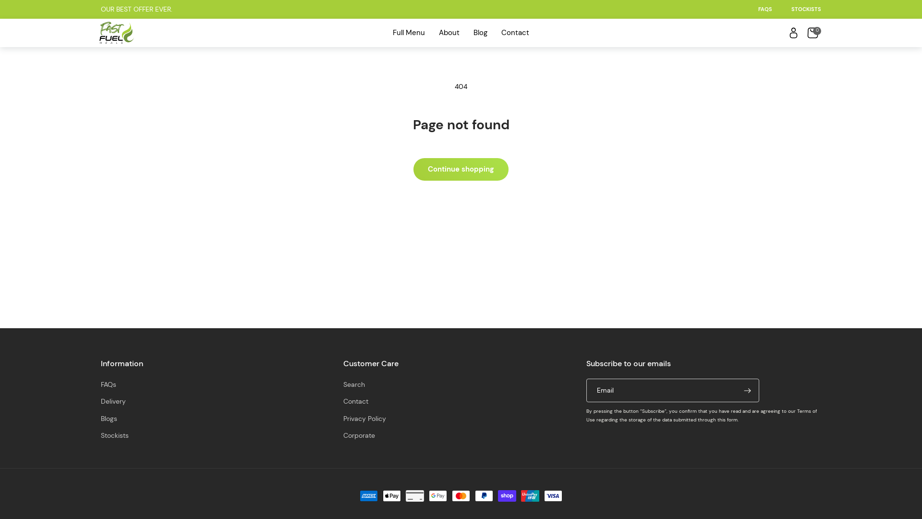 The image size is (922, 519). Describe the element at coordinates (343, 435) in the screenshot. I see `'Corporate'` at that location.